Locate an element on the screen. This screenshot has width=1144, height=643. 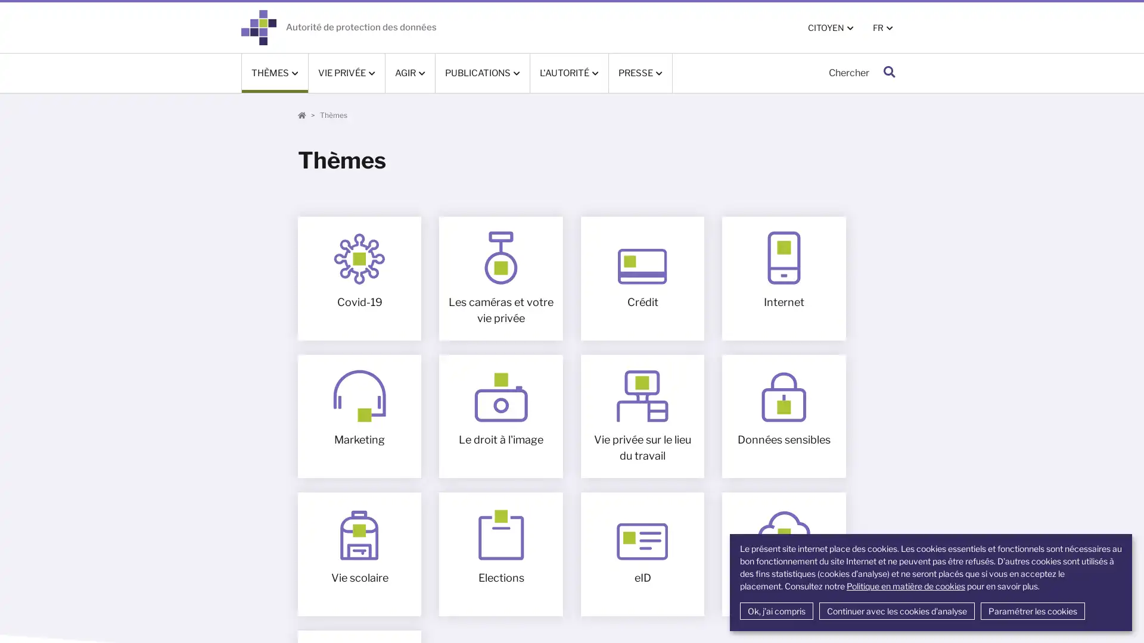
Parametrer les cookies is located at coordinates (1031, 611).